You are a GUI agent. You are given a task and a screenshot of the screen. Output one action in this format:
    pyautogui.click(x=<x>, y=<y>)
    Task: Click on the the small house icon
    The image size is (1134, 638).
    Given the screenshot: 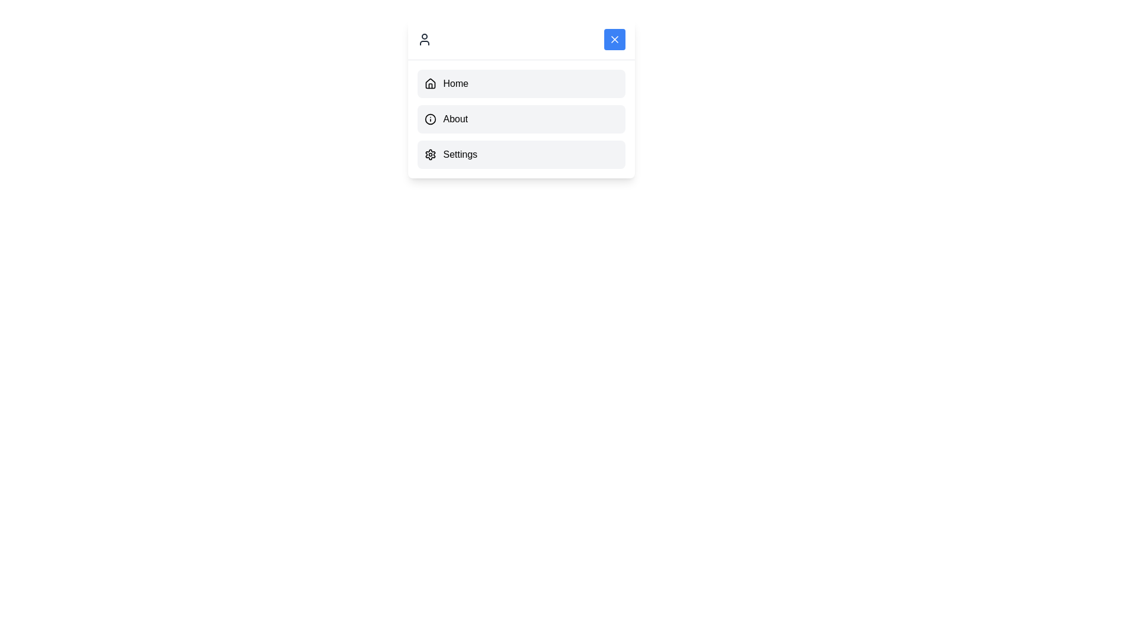 What is the action you would take?
    pyautogui.click(x=429, y=83)
    